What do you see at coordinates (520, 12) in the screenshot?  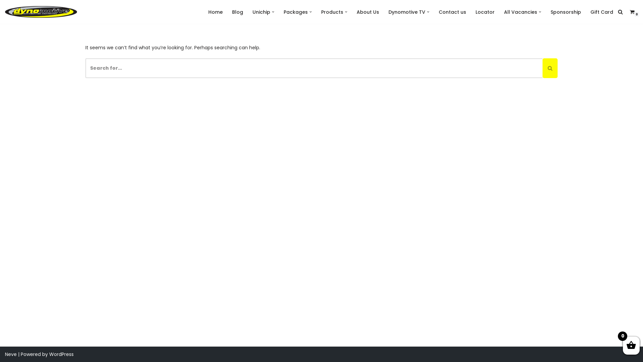 I see `'All Vacancies'` at bounding box center [520, 12].